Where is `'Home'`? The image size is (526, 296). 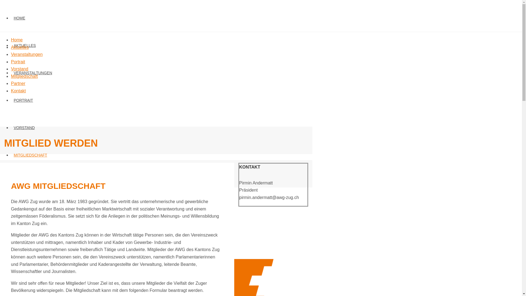
'Home' is located at coordinates (17, 39).